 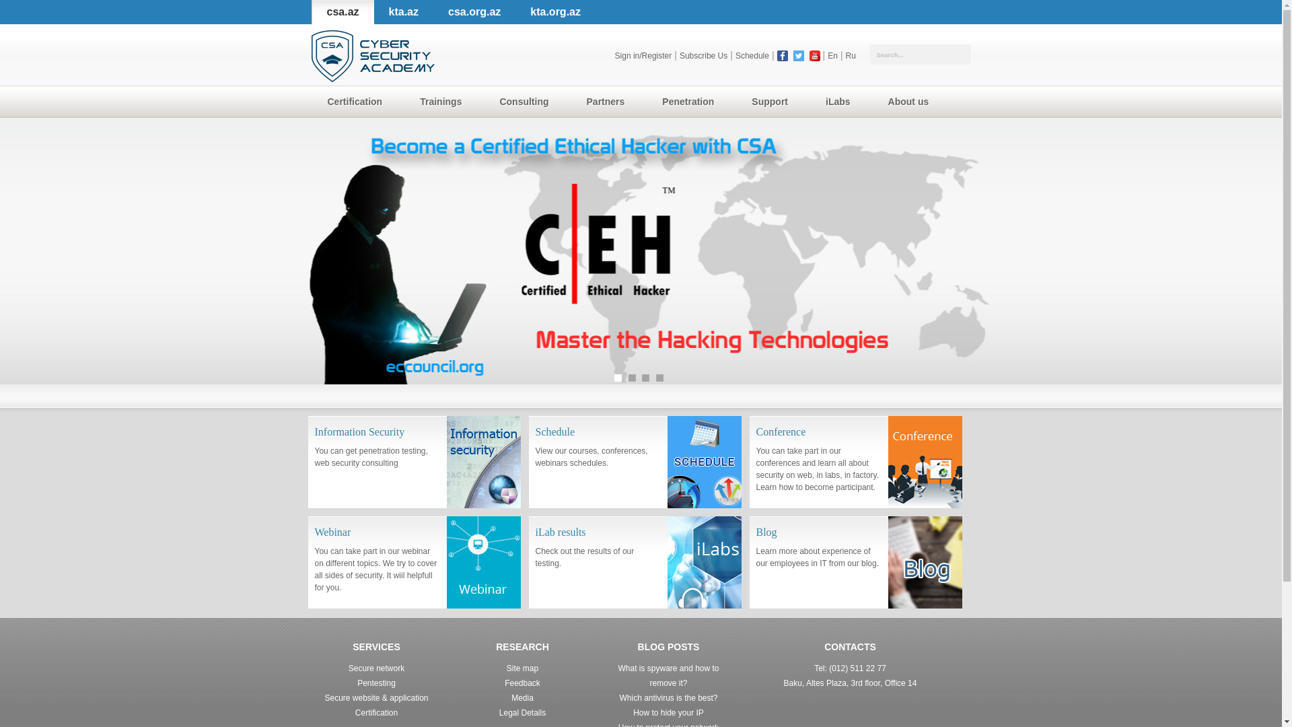 What do you see at coordinates (832, 55) in the screenshot?
I see `'En'` at bounding box center [832, 55].